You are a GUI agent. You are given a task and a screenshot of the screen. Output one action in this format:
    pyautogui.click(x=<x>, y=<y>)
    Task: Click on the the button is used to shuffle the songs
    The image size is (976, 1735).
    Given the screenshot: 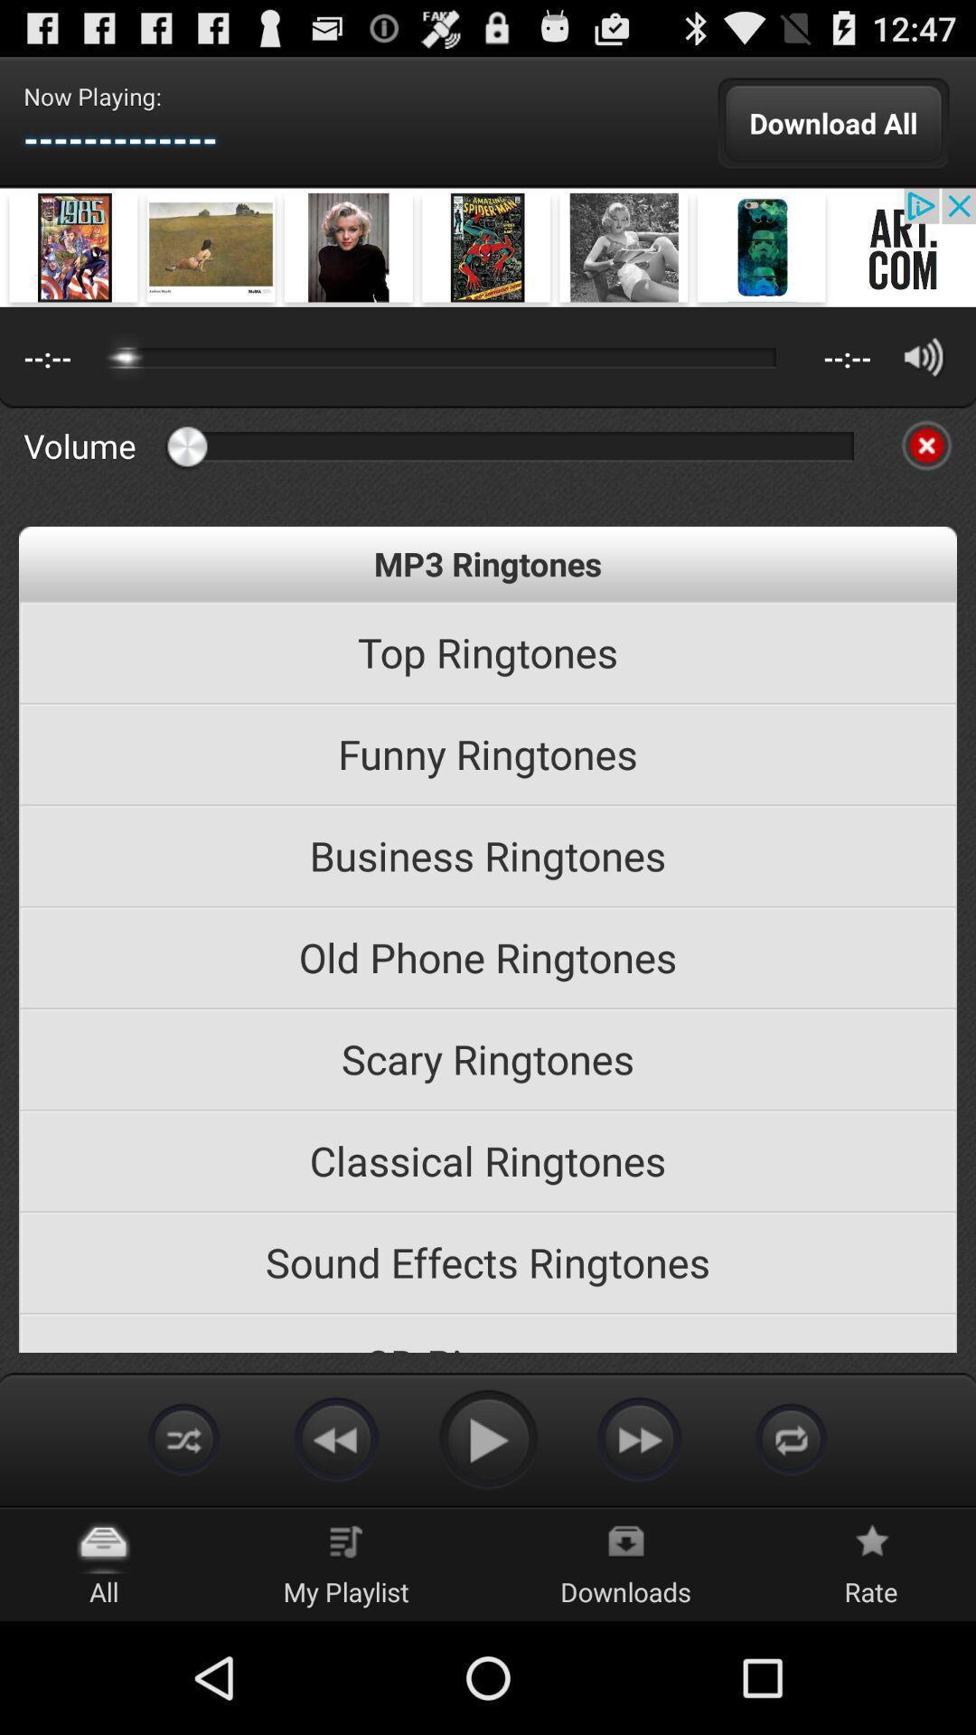 What is the action you would take?
    pyautogui.click(x=184, y=1438)
    